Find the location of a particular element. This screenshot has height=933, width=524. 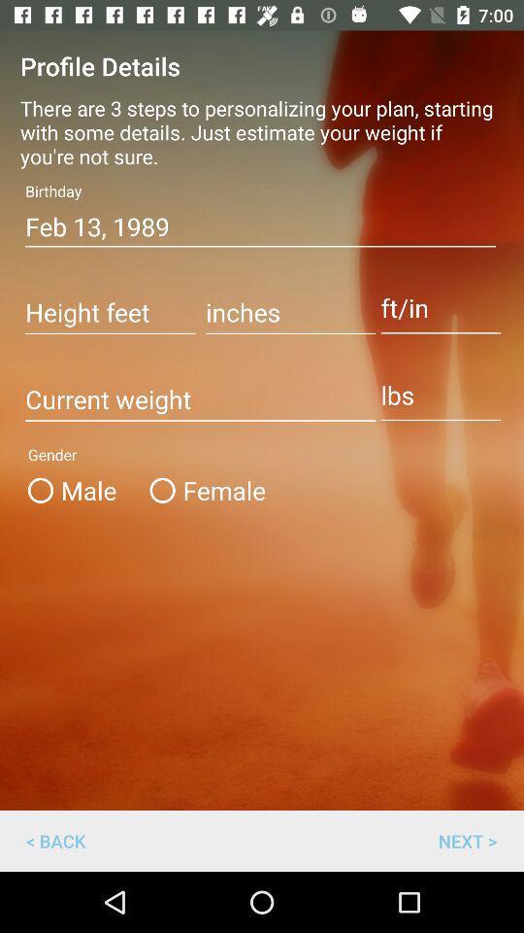

the current weight is located at coordinates (199, 399).